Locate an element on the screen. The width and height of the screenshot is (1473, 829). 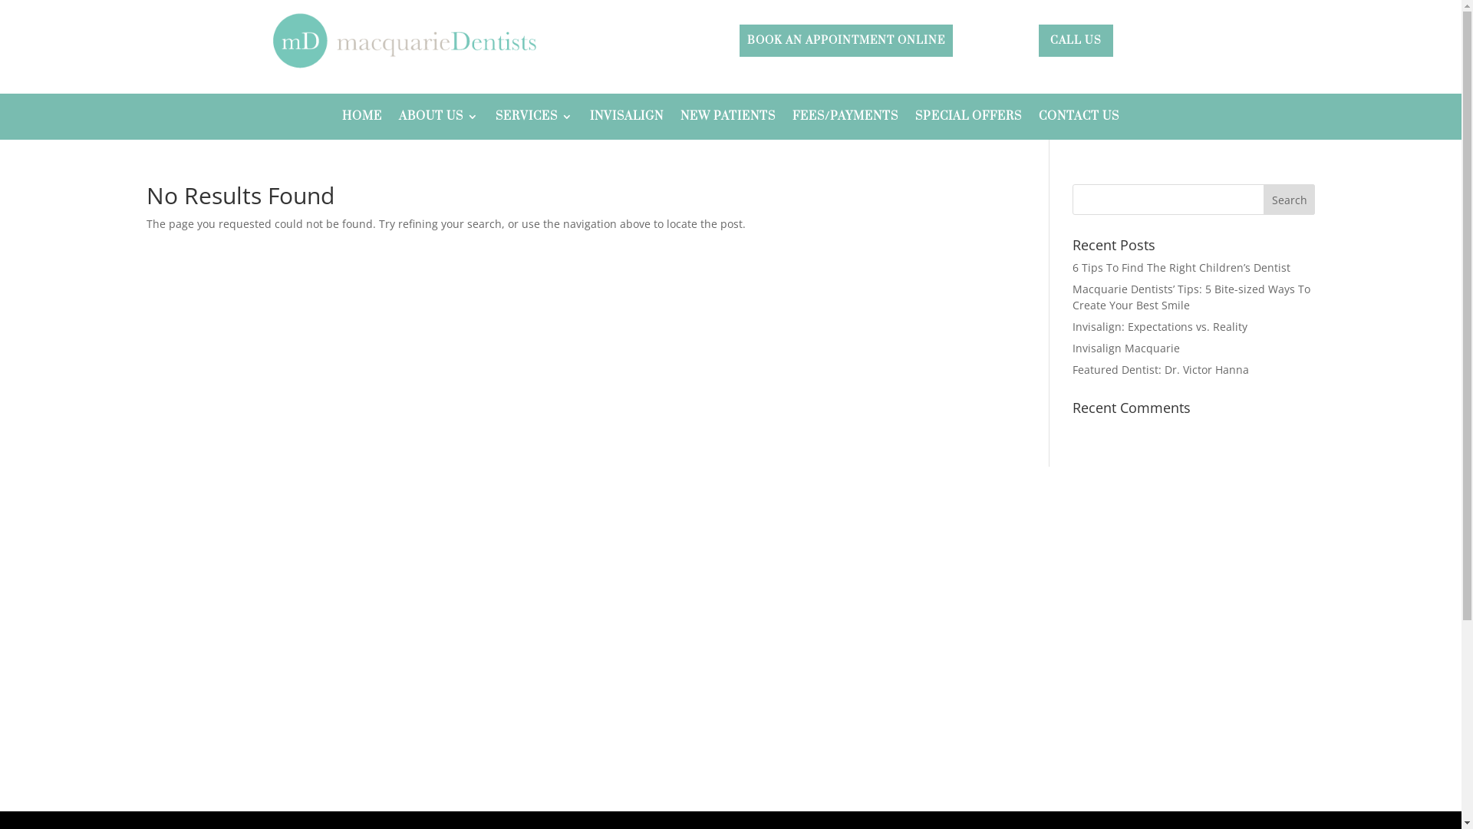
'FEES/PAYMENTS' is located at coordinates (845, 118).